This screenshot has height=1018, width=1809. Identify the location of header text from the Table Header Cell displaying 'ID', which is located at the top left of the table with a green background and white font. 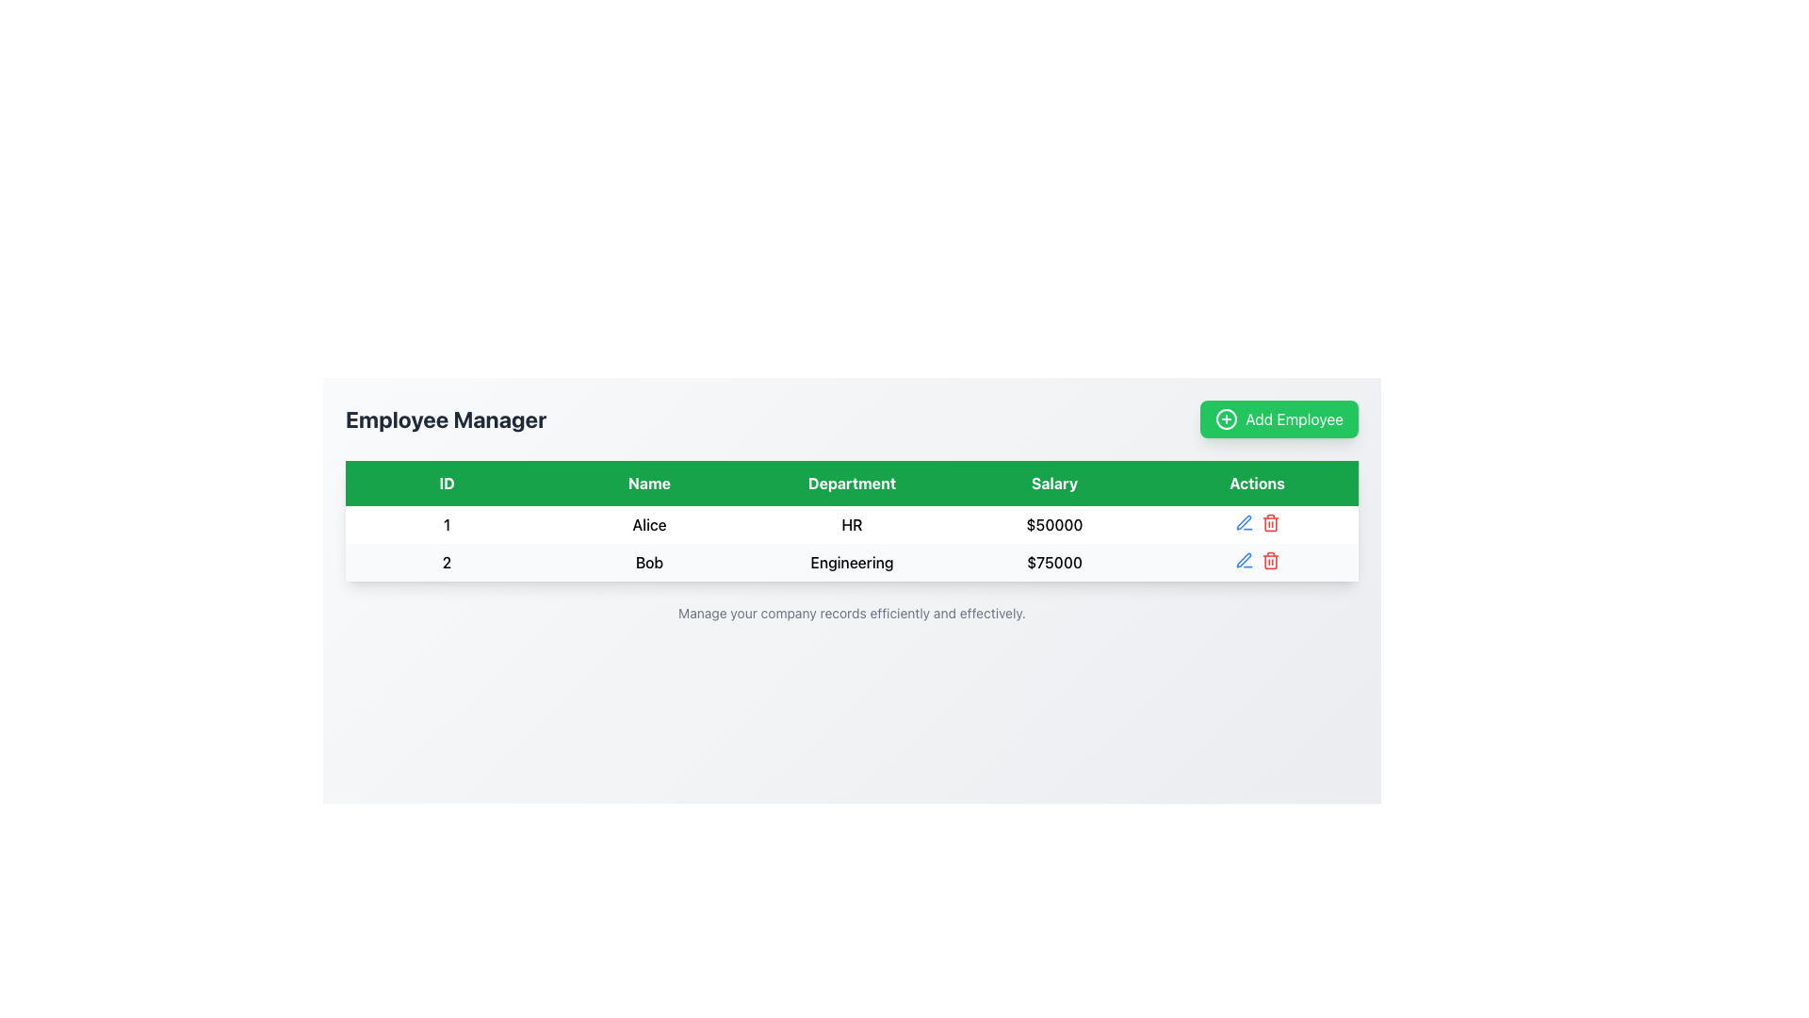
(446, 483).